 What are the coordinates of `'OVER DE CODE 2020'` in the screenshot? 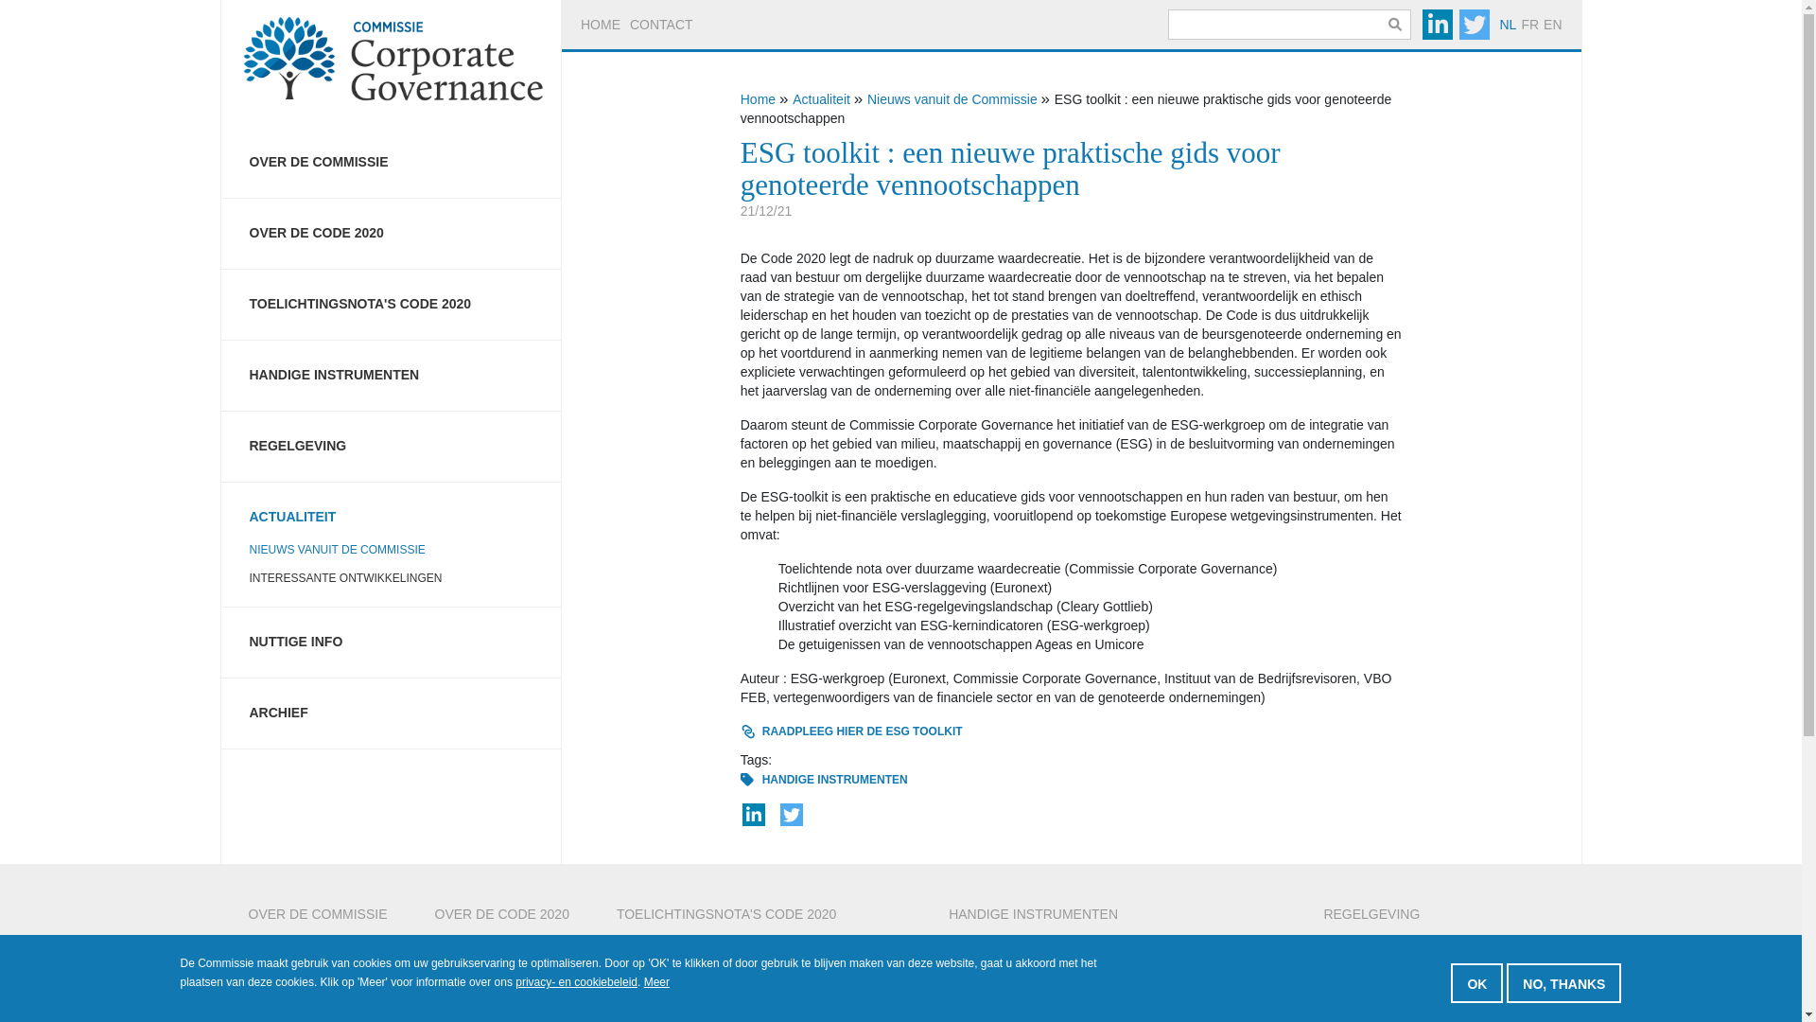 It's located at (390, 232).